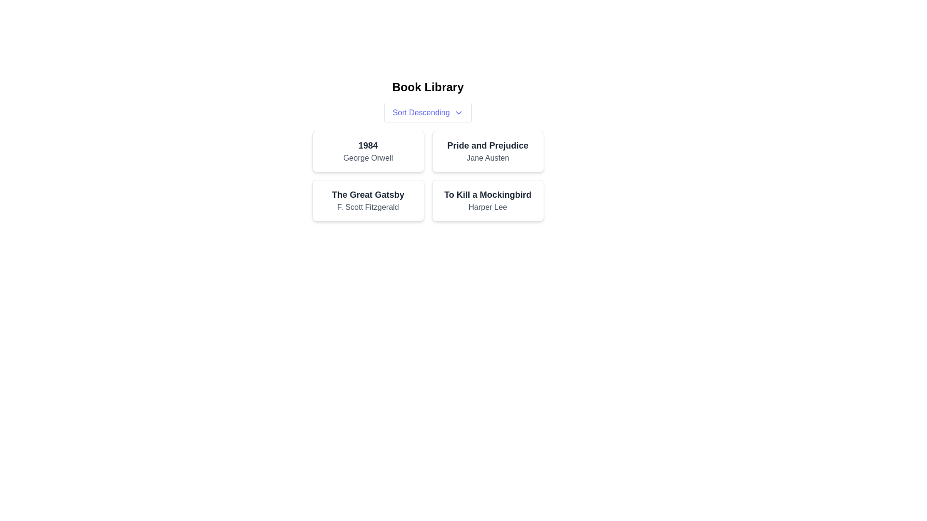 This screenshot has width=927, height=521. I want to click on the rectangular button labeled 'Sort Descending' with an indigo color and a downward arrow icon, so click(427, 112).